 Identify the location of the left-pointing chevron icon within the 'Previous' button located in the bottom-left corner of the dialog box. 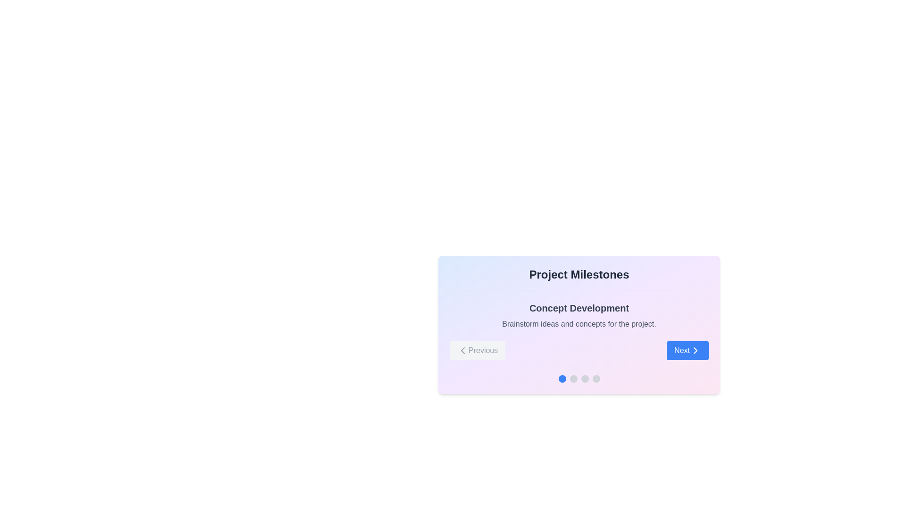
(462, 351).